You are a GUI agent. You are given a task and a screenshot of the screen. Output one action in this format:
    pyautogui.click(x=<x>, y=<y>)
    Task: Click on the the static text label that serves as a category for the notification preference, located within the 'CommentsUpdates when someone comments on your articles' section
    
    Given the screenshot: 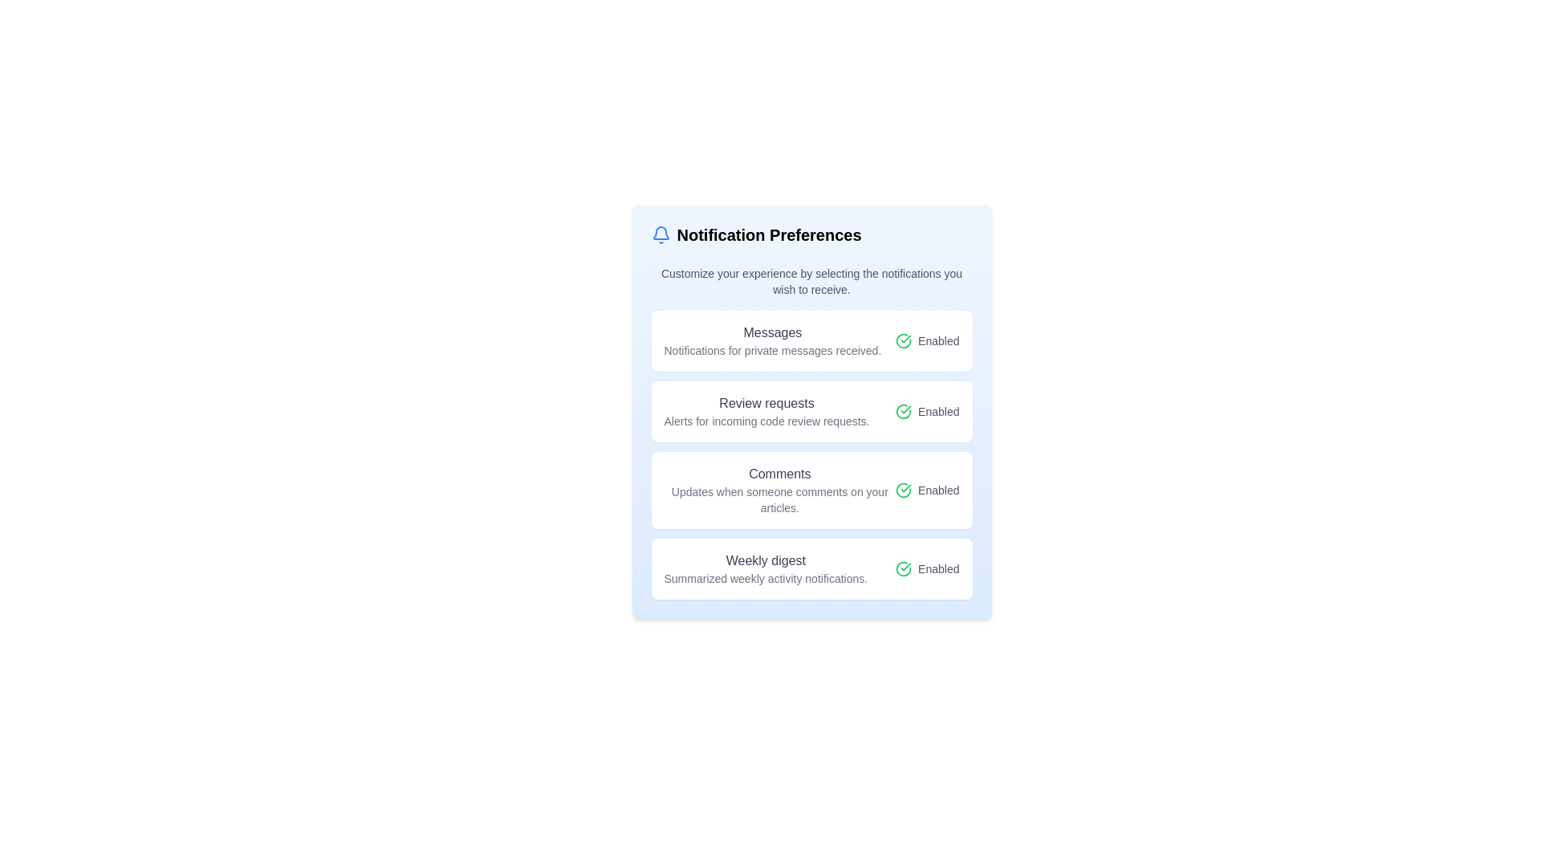 What is the action you would take?
    pyautogui.click(x=779, y=473)
    